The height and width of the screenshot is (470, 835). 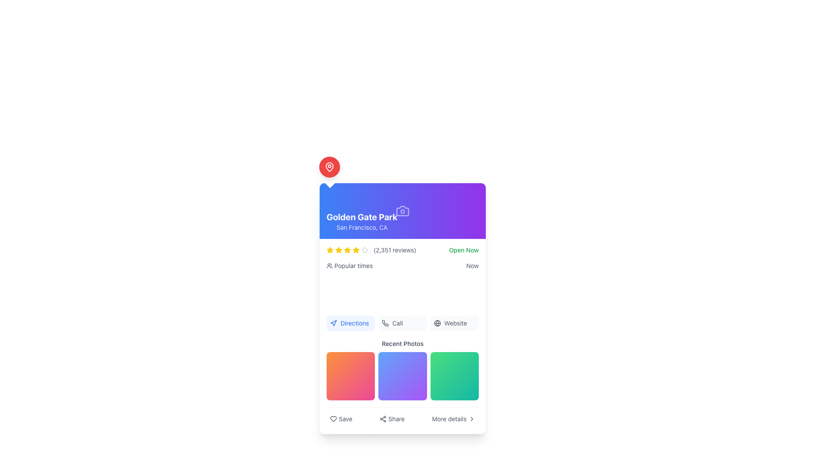 I want to click on the Text Label that serves as a clickable component for sharing content, positioned beneath the 'Recent Photos' icons, and between the 'Save' and 'More details' buttons, so click(x=396, y=419).